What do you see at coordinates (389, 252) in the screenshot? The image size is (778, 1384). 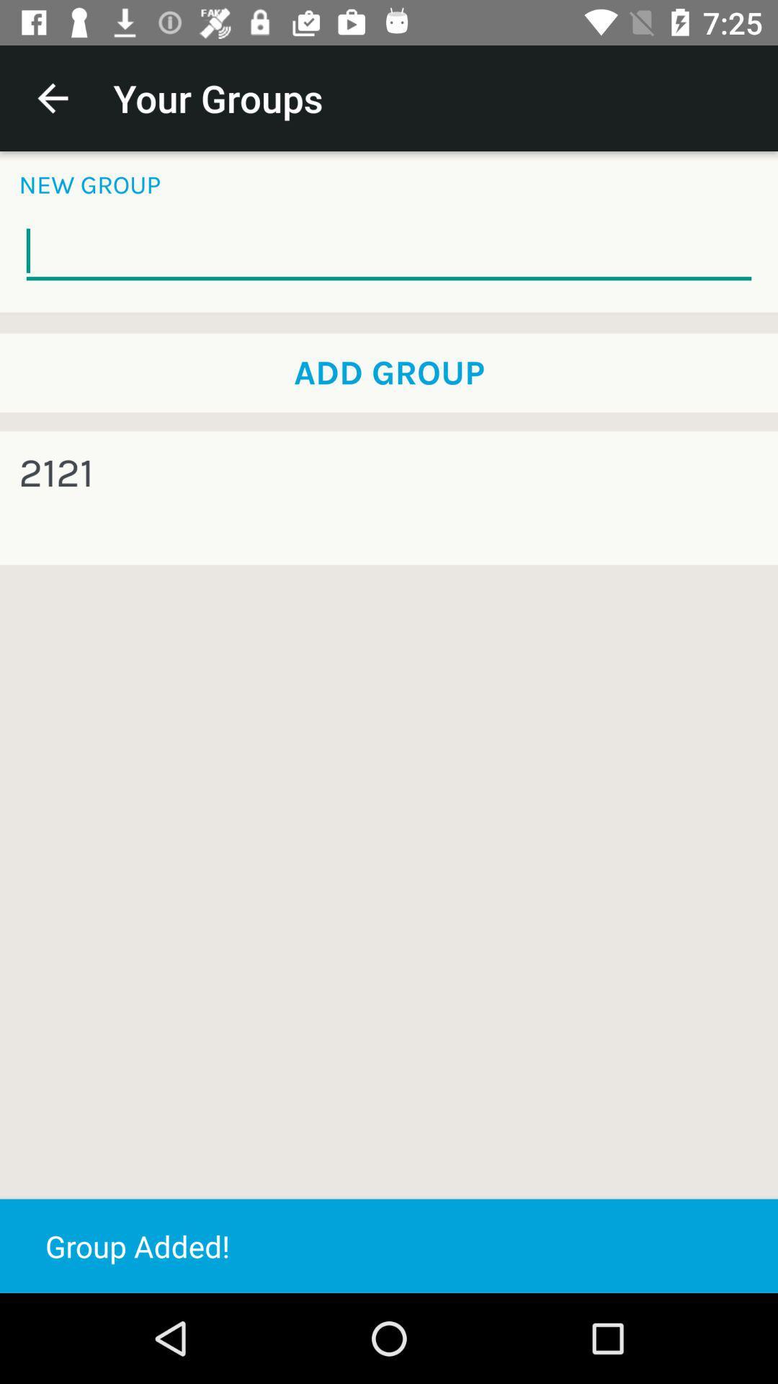 I see `a new group` at bounding box center [389, 252].